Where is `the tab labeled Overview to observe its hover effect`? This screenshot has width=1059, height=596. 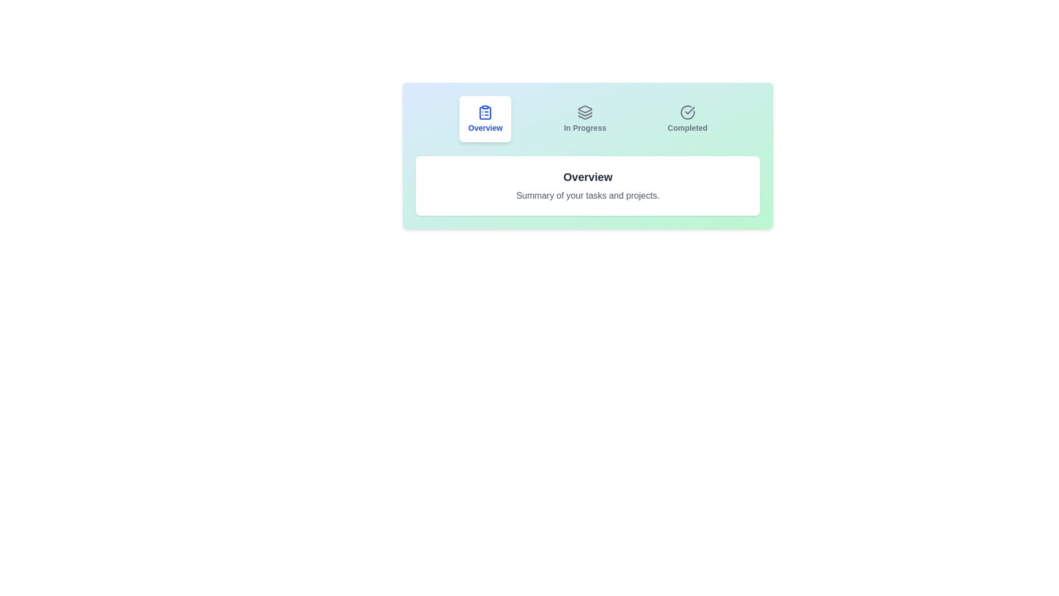
the tab labeled Overview to observe its hover effect is located at coordinates (485, 119).